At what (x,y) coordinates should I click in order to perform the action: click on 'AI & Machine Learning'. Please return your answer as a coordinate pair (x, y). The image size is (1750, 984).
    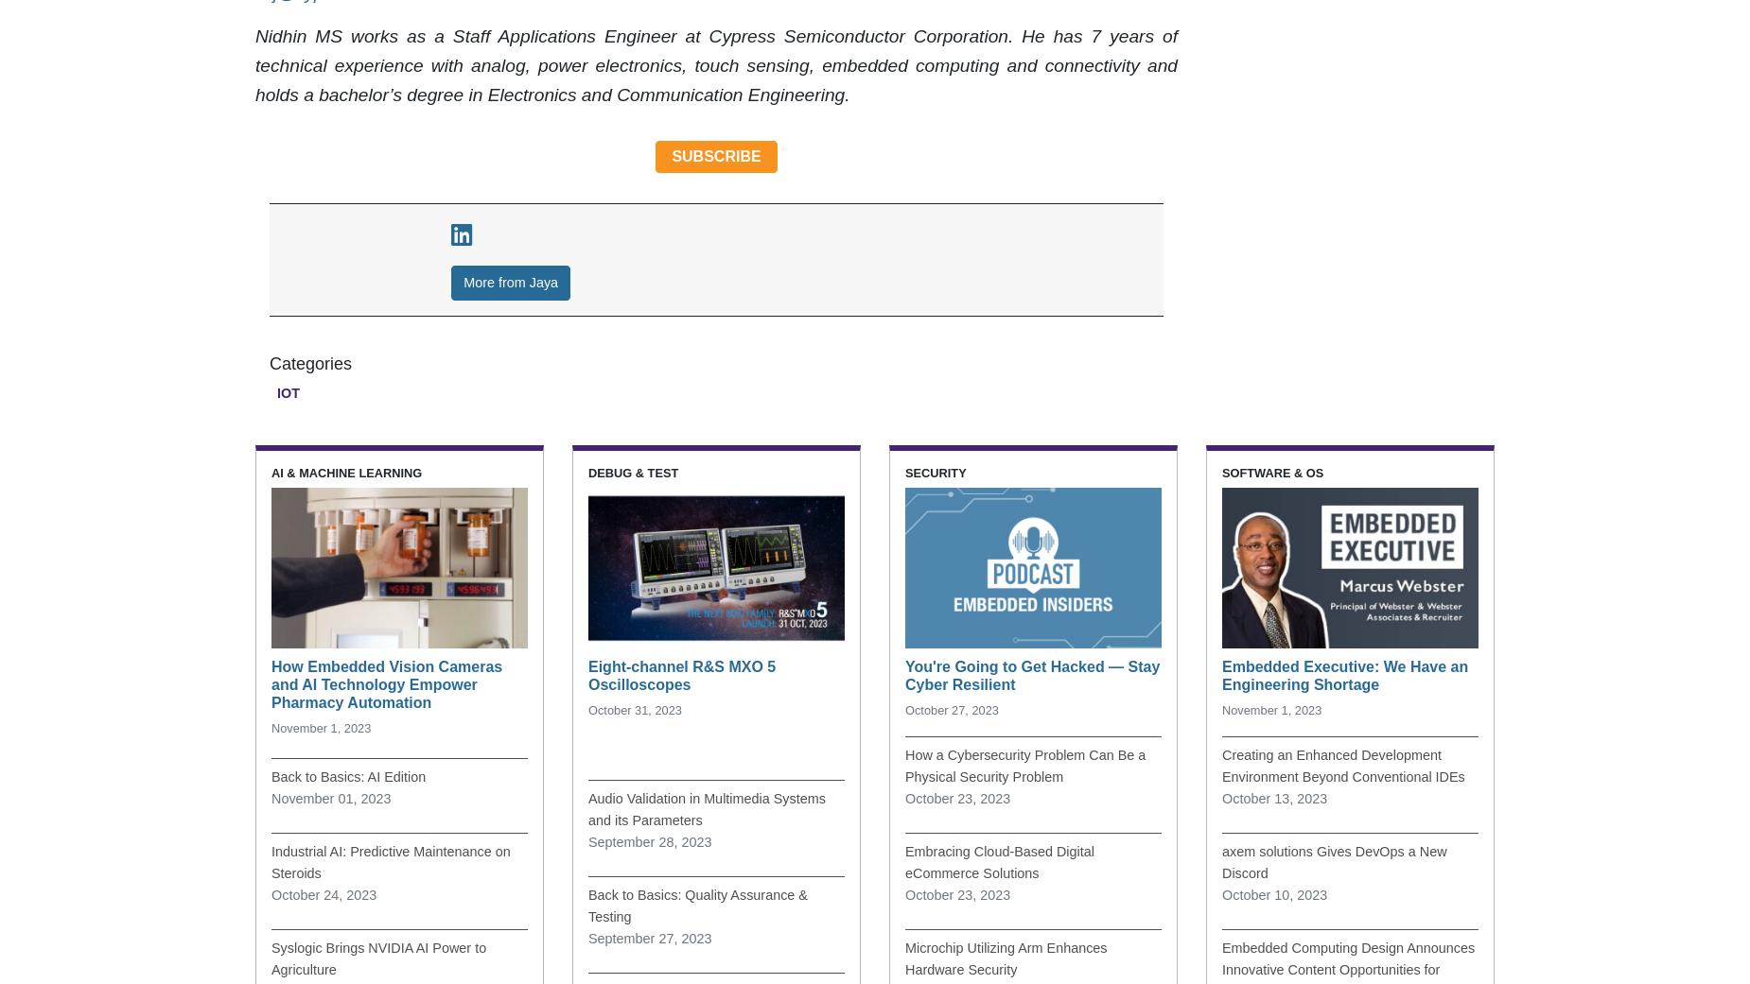
    Looking at the image, I should click on (345, 471).